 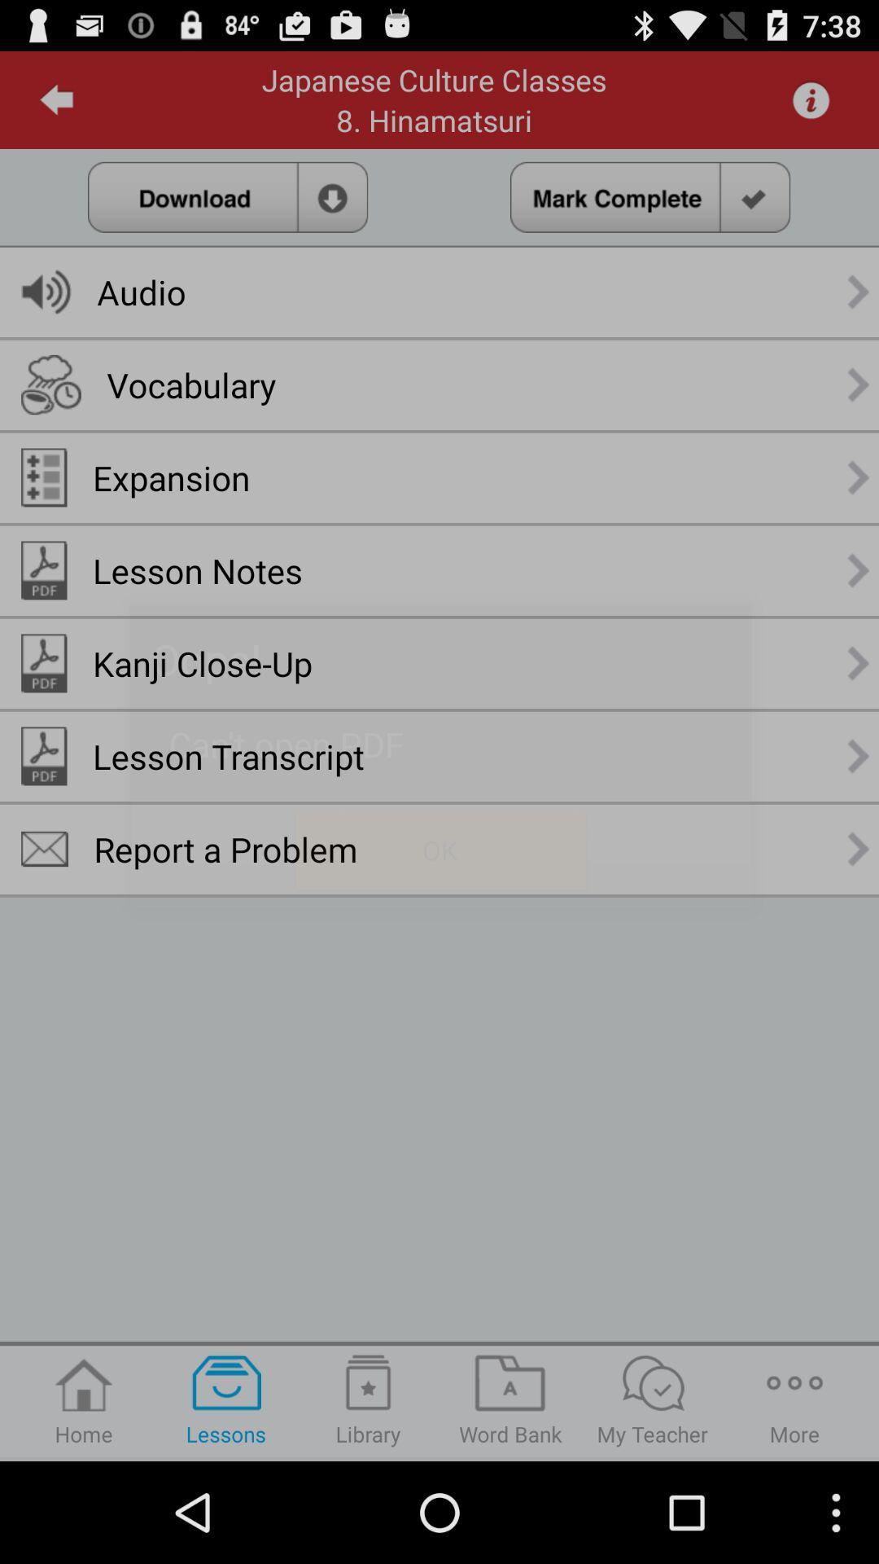 I want to click on the lesson notes icon, so click(x=197, y=570).